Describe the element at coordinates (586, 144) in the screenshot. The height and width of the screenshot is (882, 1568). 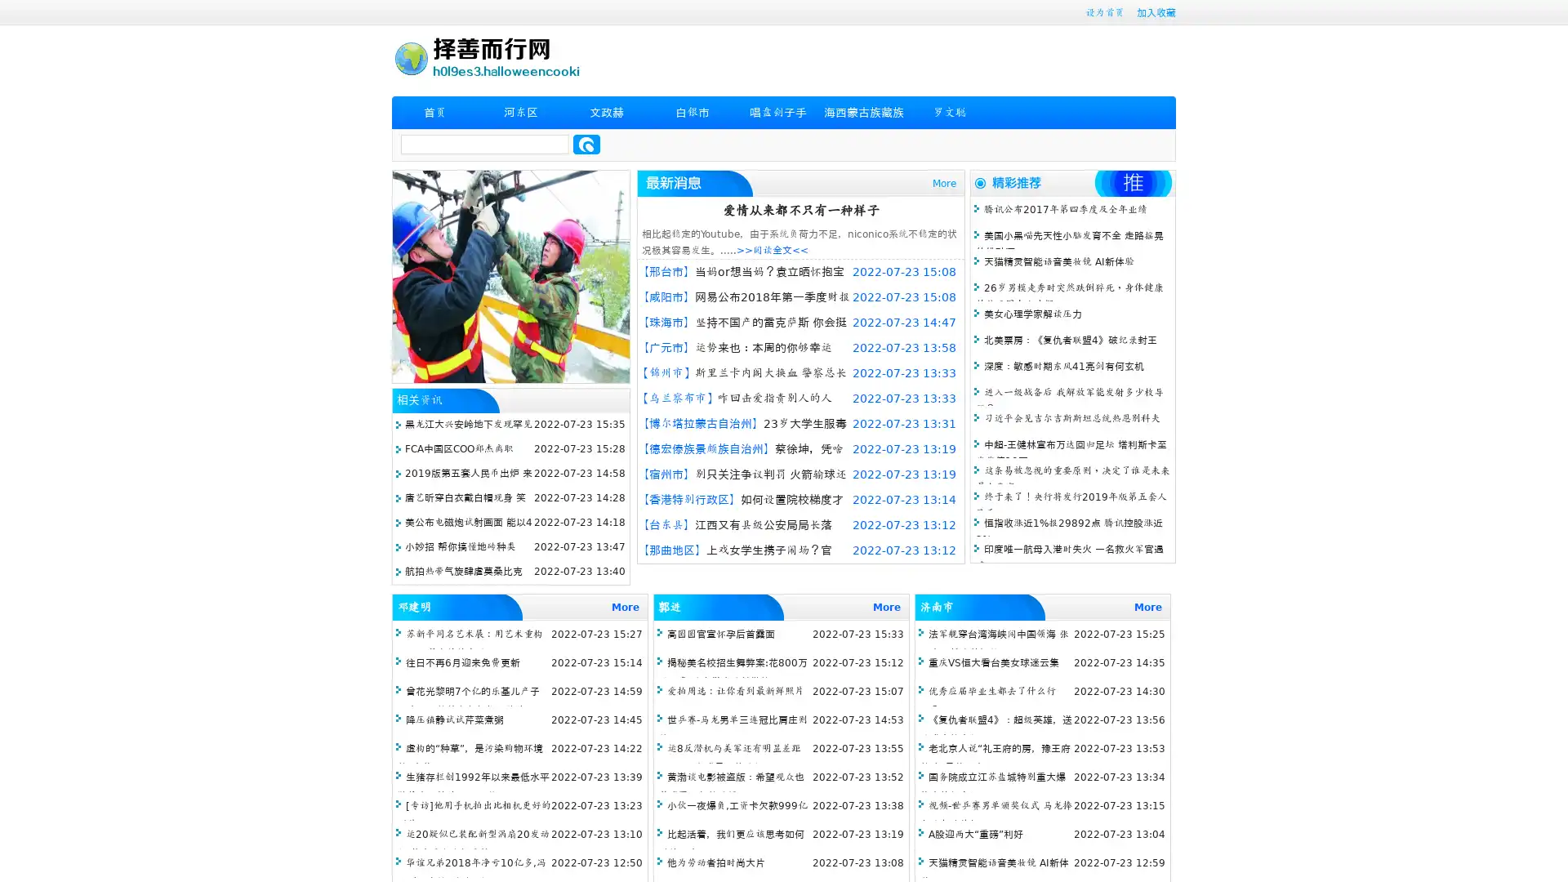
I see `Search` at that location.